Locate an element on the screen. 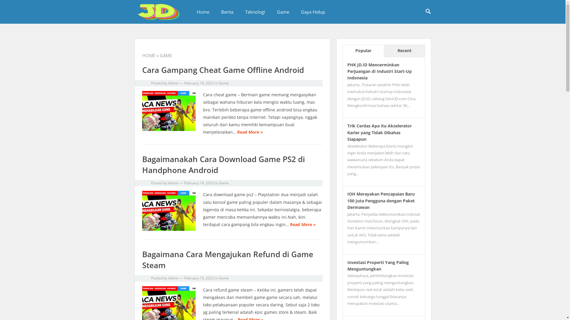  'HOME' is located at coordinates (148, 55).